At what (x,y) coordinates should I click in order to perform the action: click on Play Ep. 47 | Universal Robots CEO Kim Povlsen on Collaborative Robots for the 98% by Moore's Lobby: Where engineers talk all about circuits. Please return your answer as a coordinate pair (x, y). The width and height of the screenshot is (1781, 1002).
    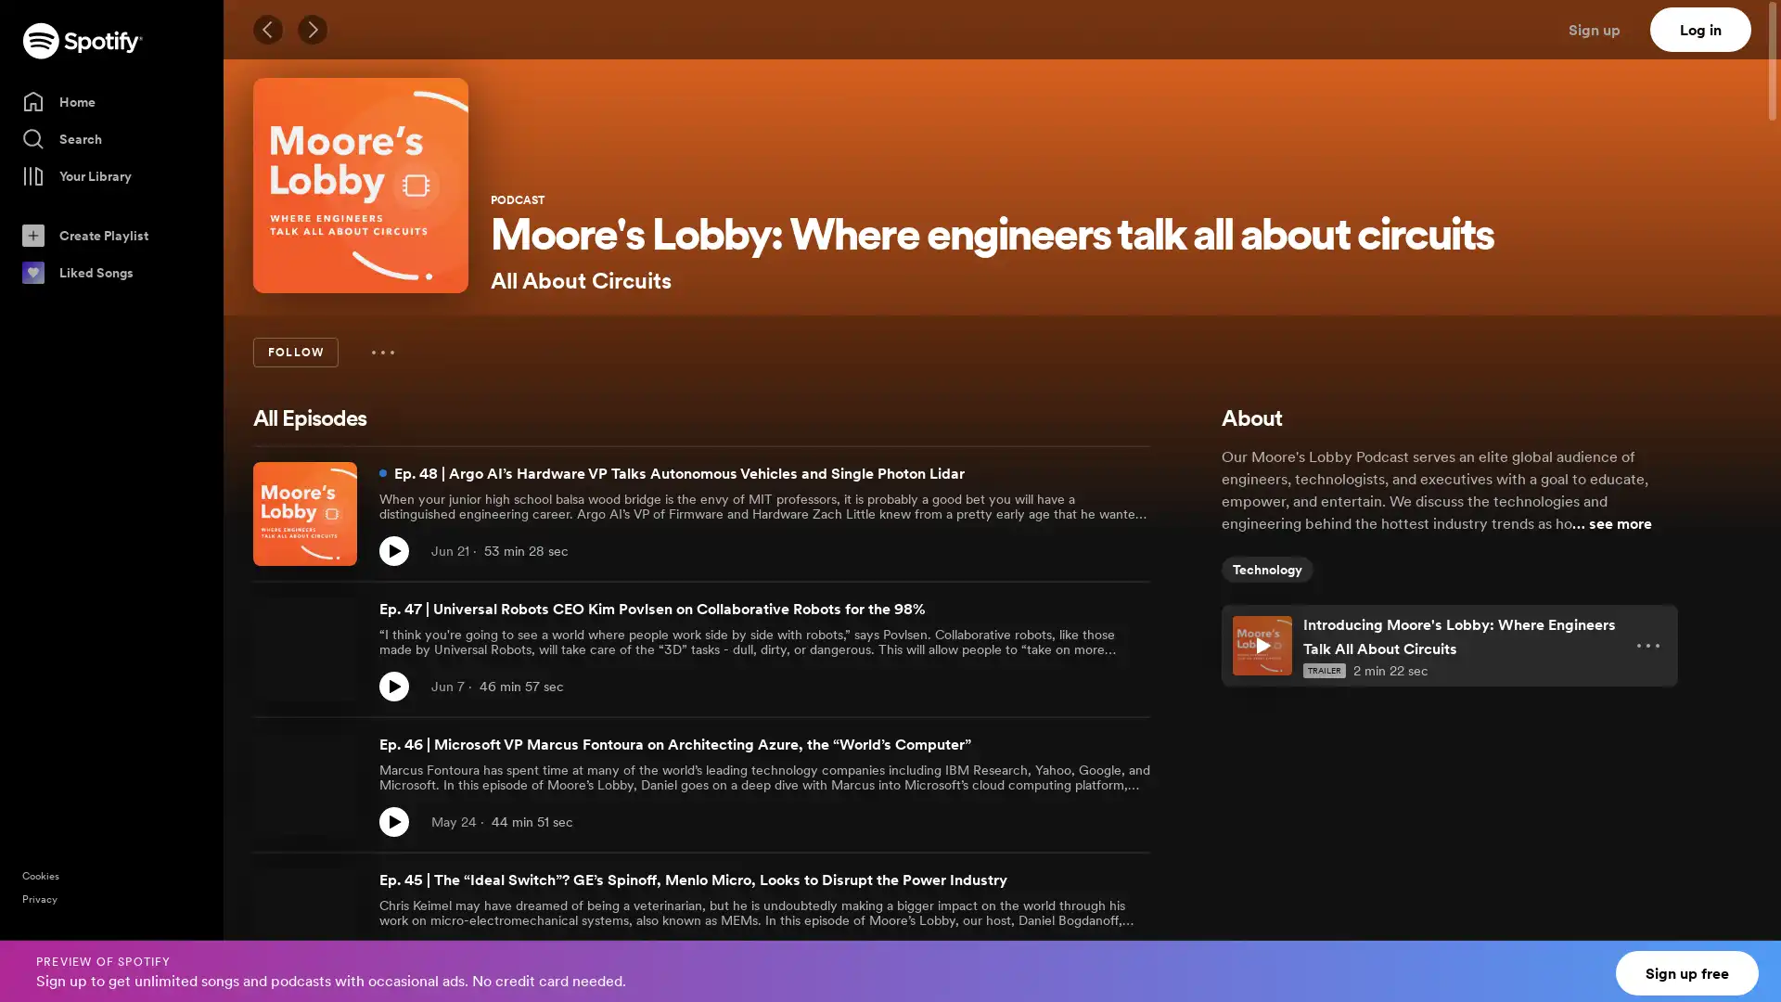
    Looking at the image, I should click on (393, 687).